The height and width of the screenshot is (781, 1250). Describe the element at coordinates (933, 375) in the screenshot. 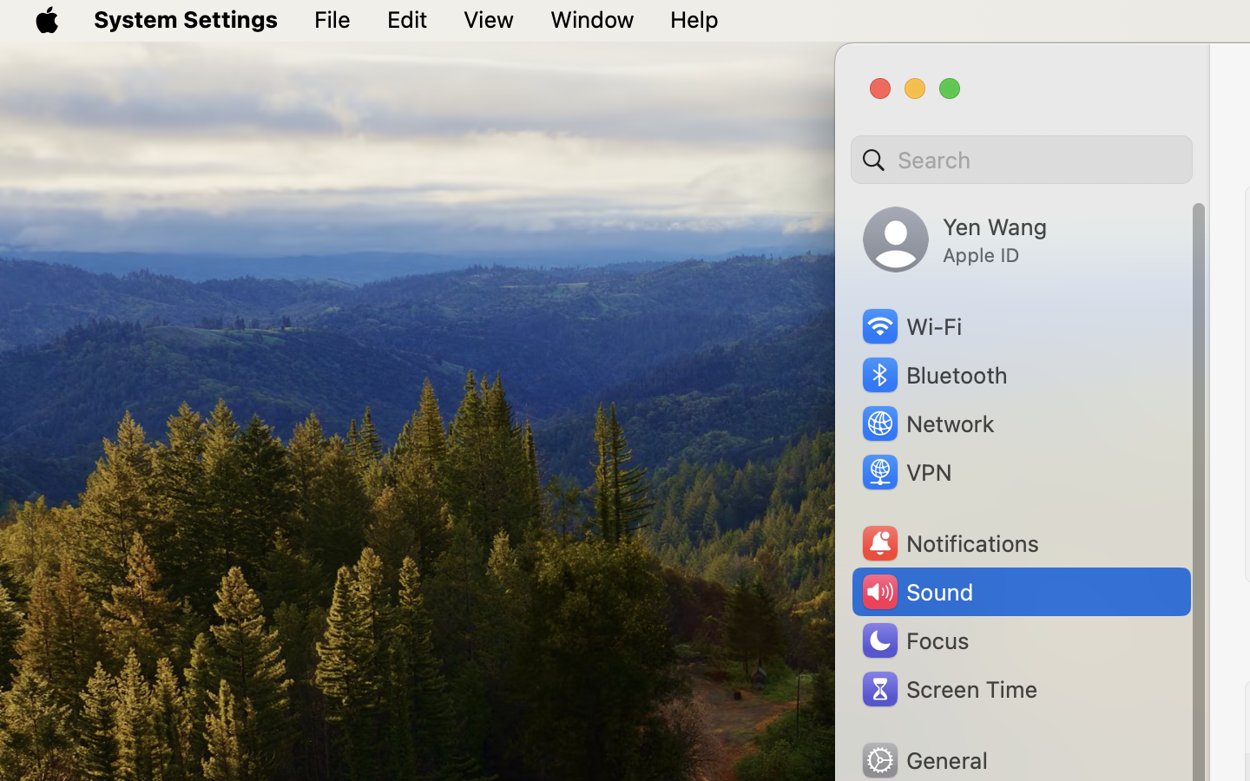

I see `'Bluetooth'` at that location.